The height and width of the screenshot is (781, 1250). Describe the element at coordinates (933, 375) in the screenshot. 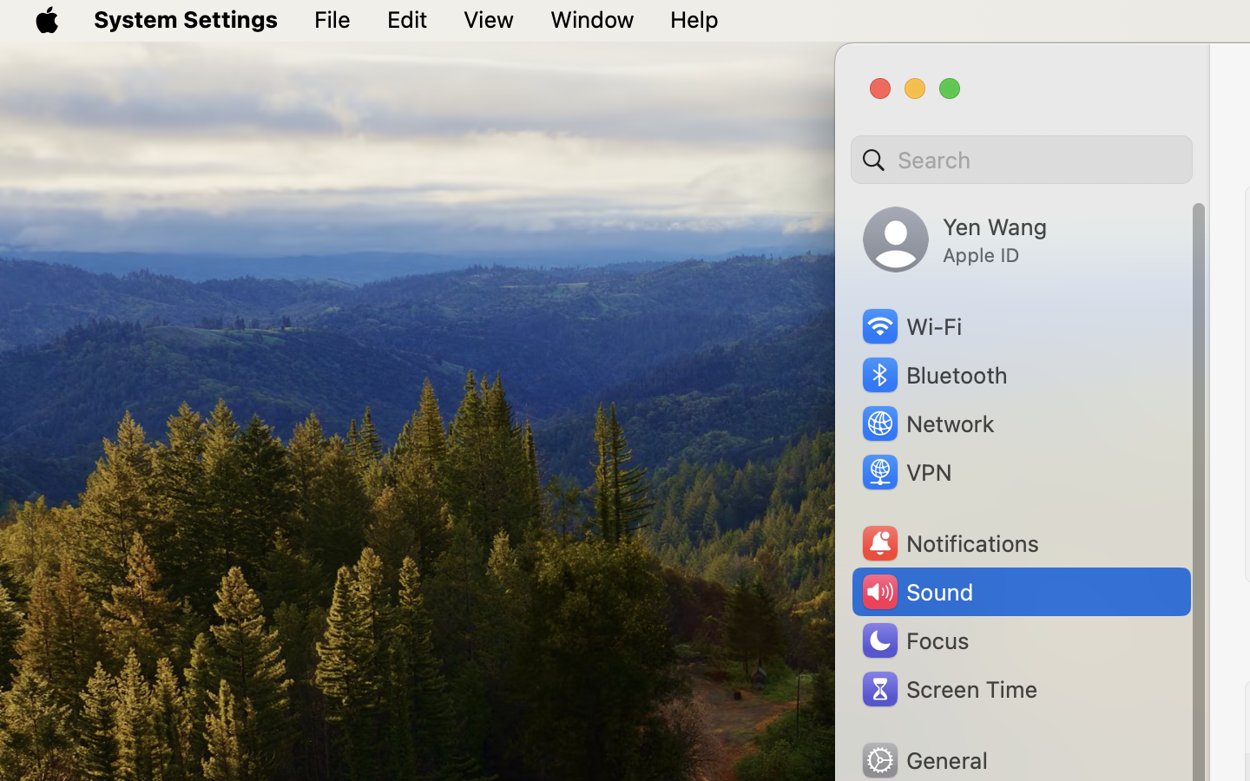

I see `'Bluetooth'` at that location.